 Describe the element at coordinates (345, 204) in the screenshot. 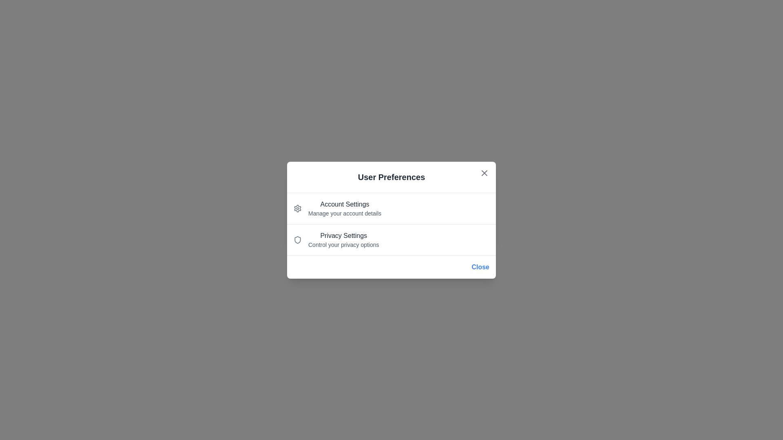

I see `the 'Account Settings' option to expand or view its details` at that location.